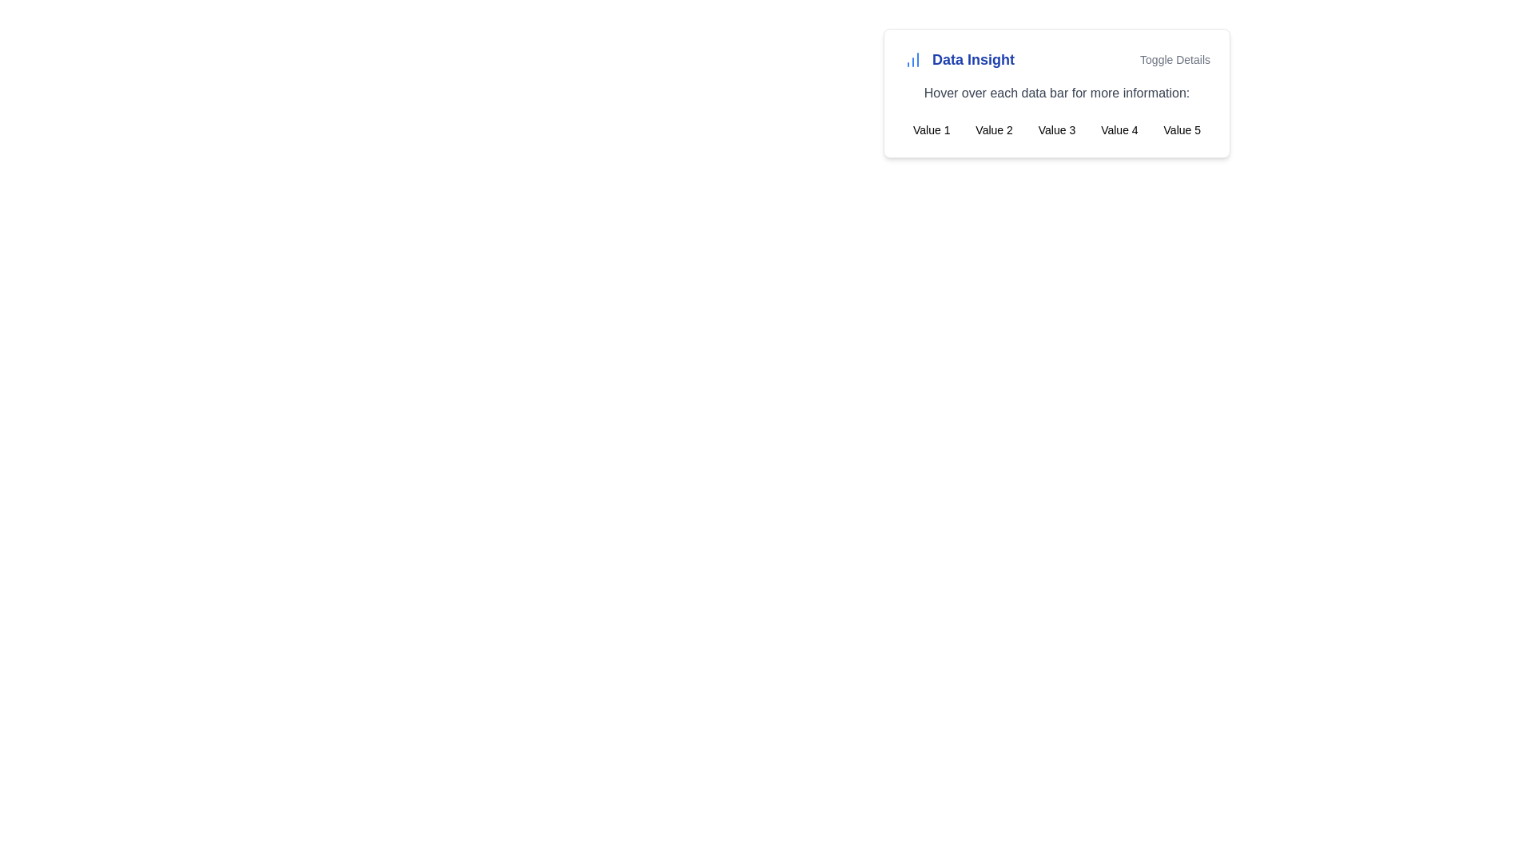  What do you see at coordinates (1119, 125) in the screenshot?
I see `the text label reading 'Value 4'` at bounding box center [1119, 125].